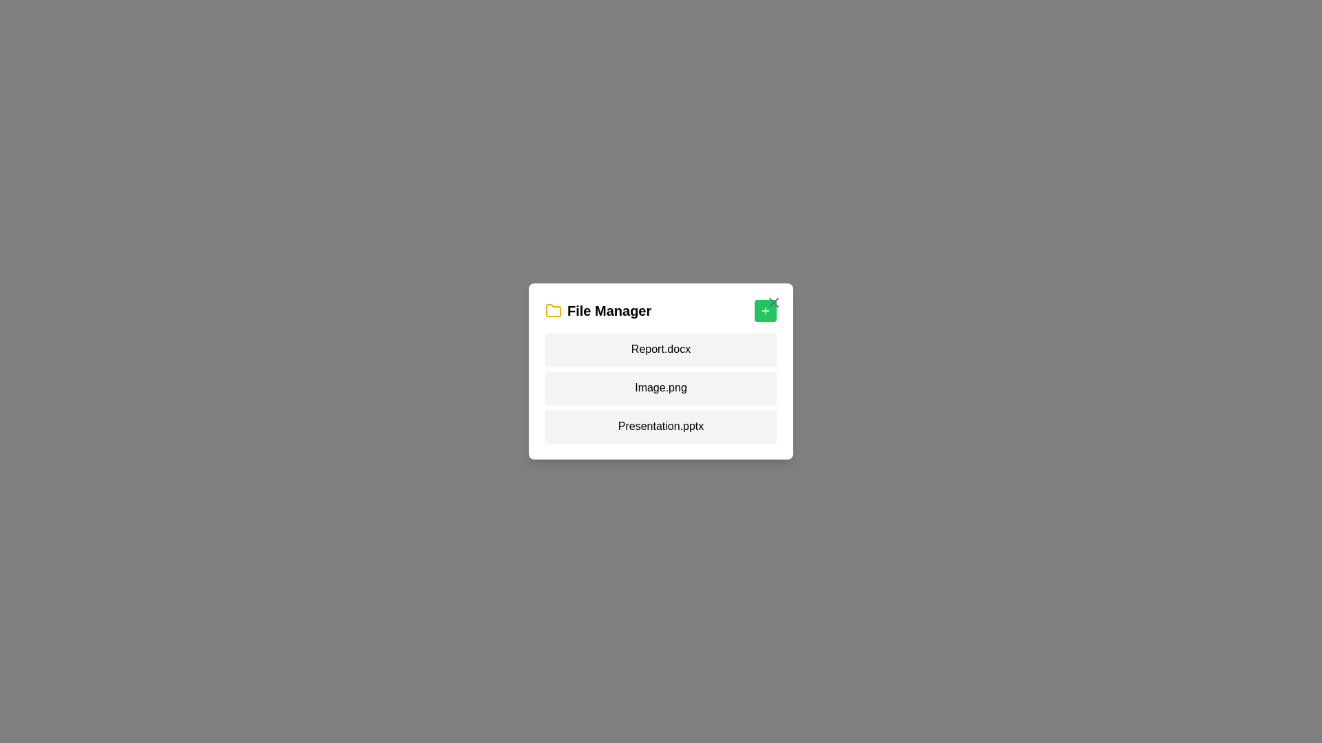  What do you see at coordinates (765, 310) in the screenshot?
I see `the '+' button to add a new file` at bounding box center [765, 310].